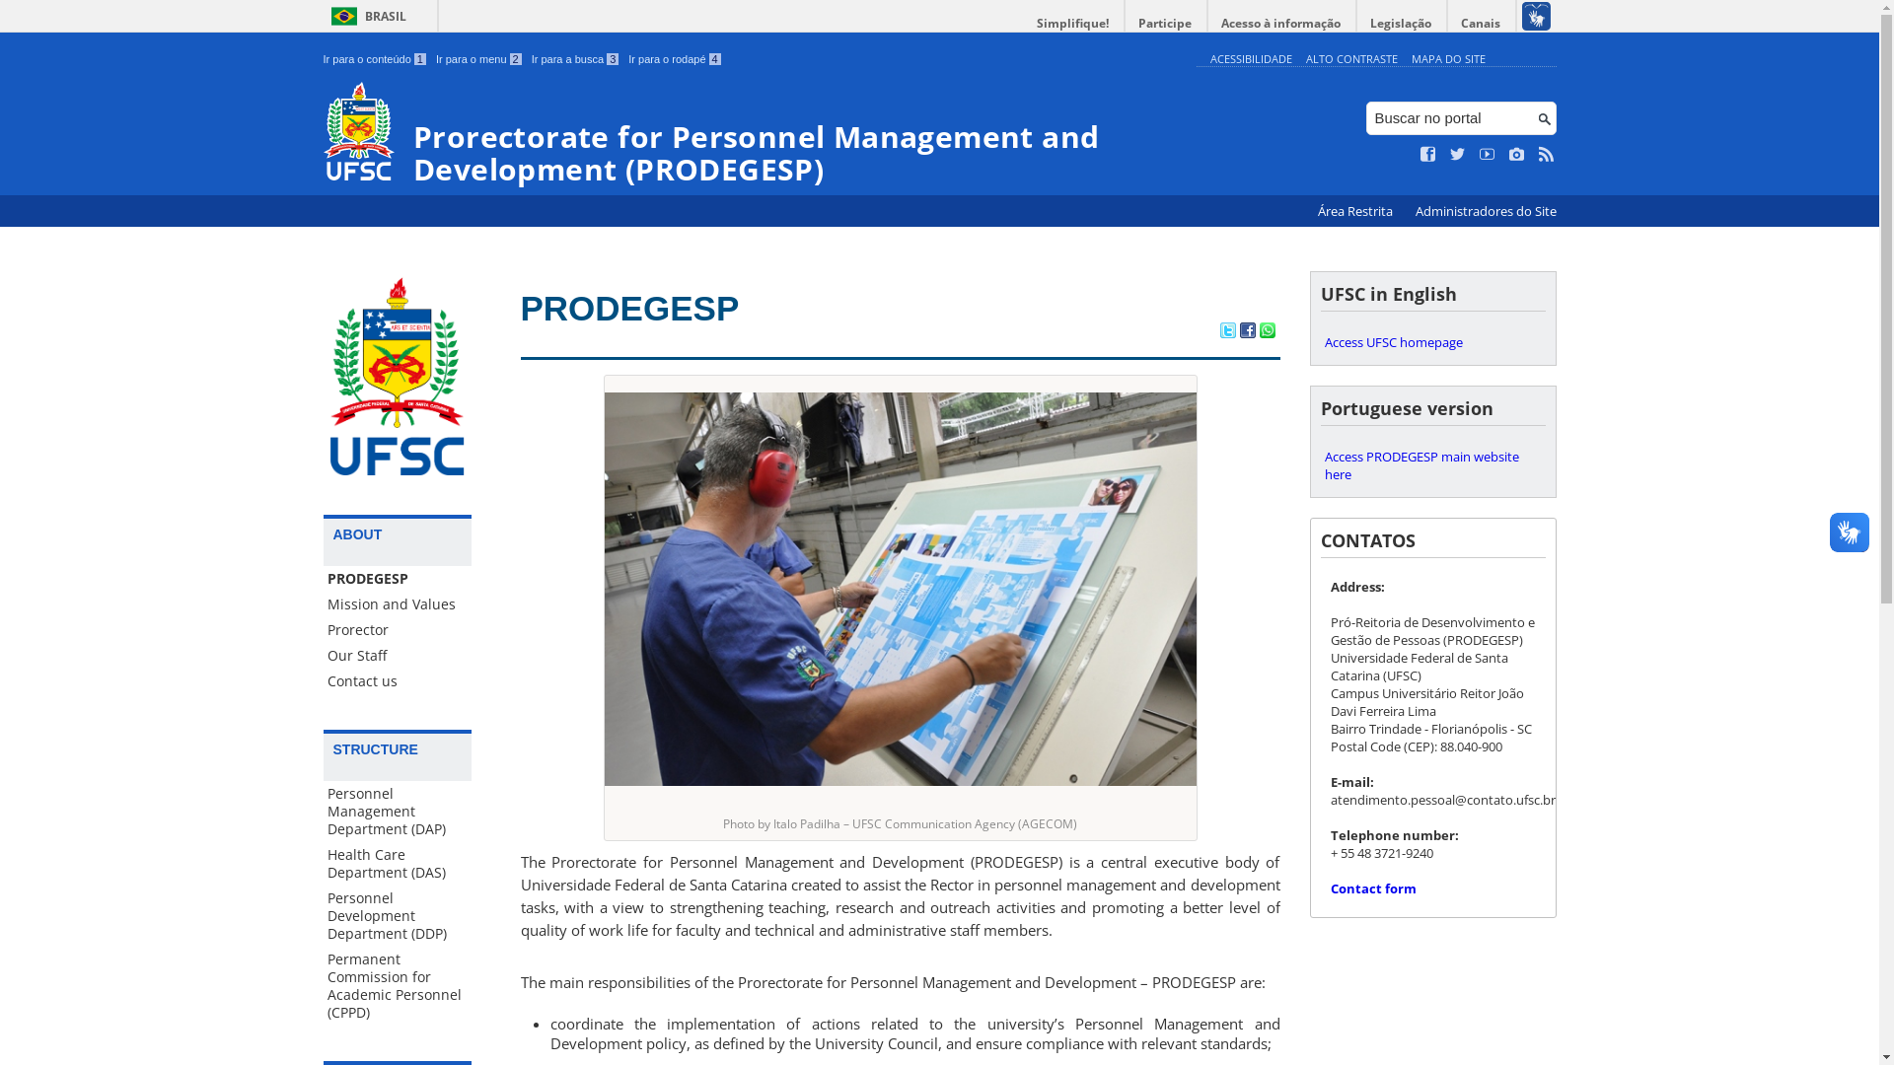 The height and width of the screenshot is (1065, 1894). Describe the element at coordinates (397, 811) in the screenshot. I see `'Personnel Management Department (DAP)'` at that location.